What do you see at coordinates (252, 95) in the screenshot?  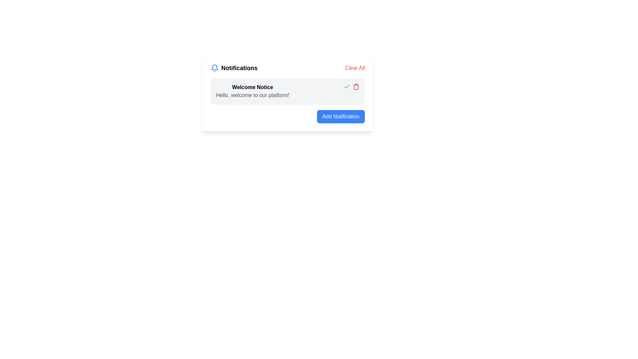 I see `the welcoming message text label located below the 'Welcome Notice' title in the notification card to potentially display a tooltip` at bounding box center [252, 95].